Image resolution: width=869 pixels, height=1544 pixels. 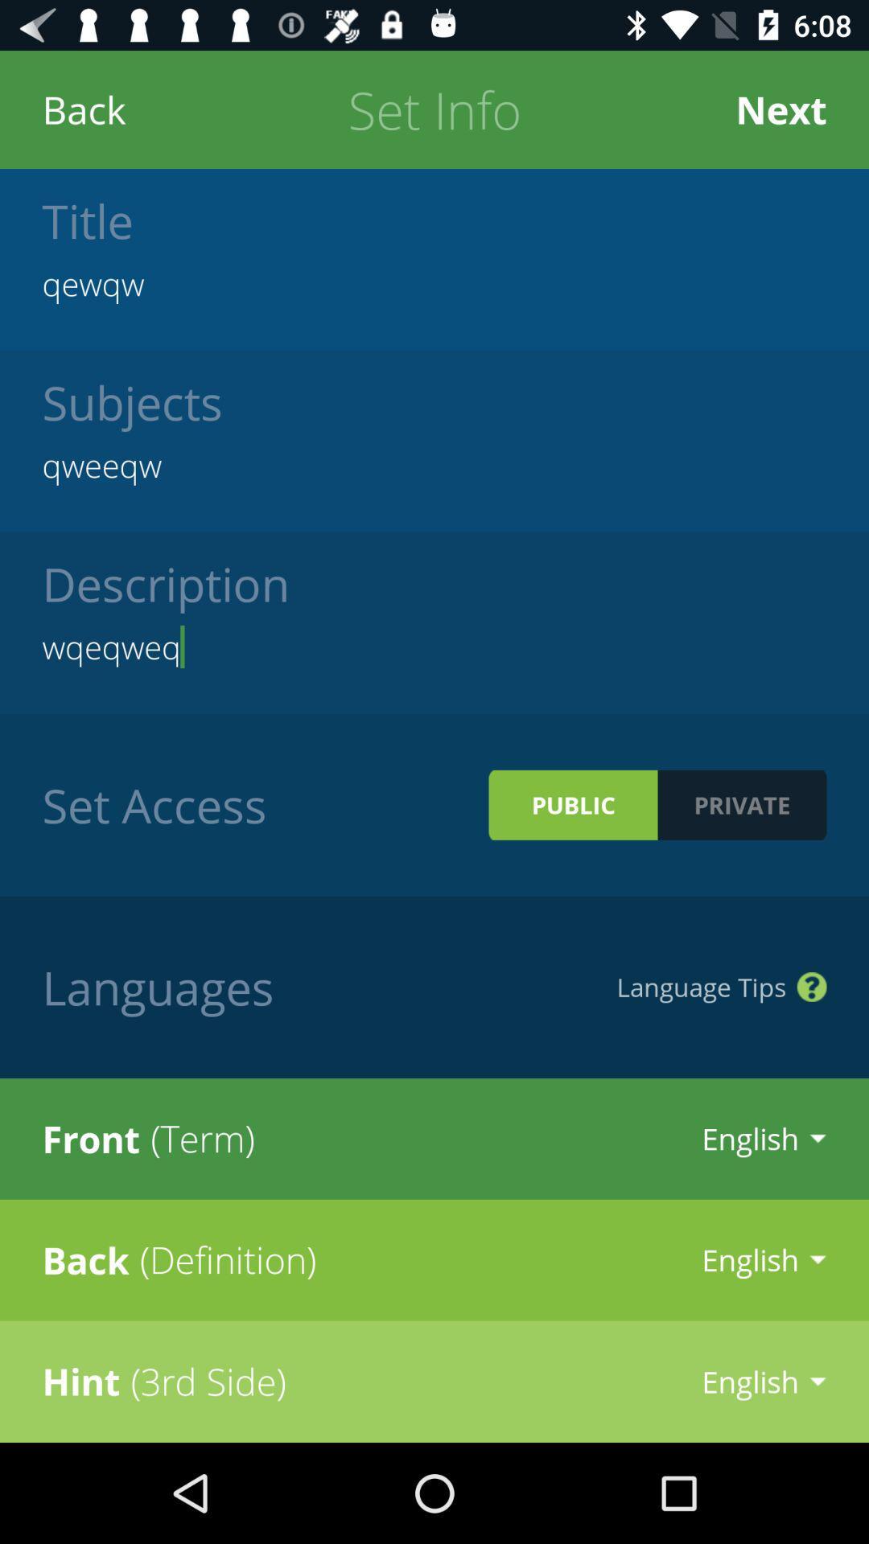 What do you see at coordinates (742, 805) in the screenshot?
I see `private` at bounding box center [742, 805].